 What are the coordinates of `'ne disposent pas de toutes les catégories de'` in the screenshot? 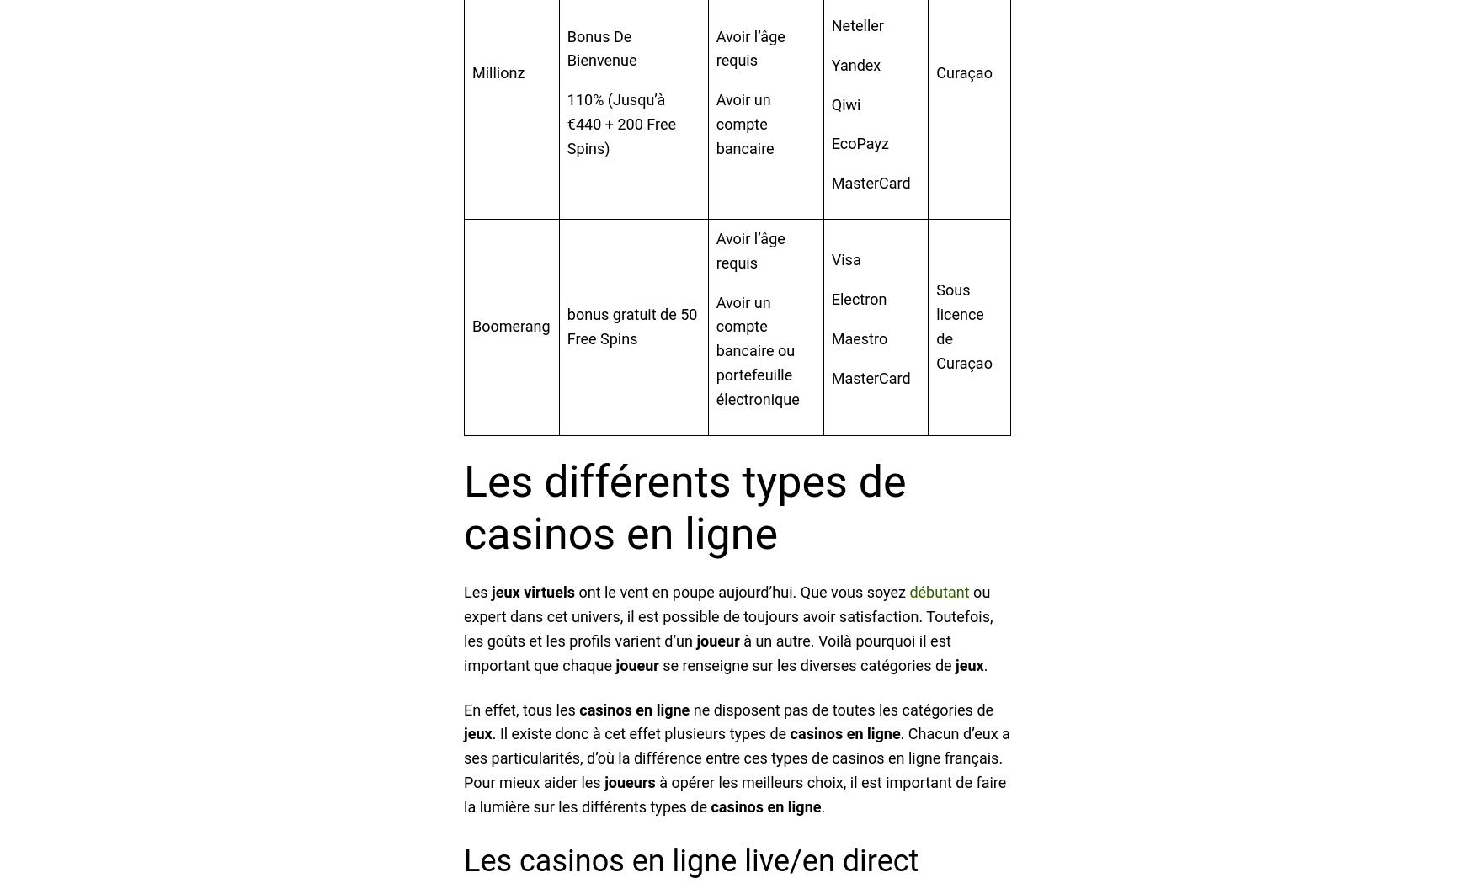 It's located at (840, 708).